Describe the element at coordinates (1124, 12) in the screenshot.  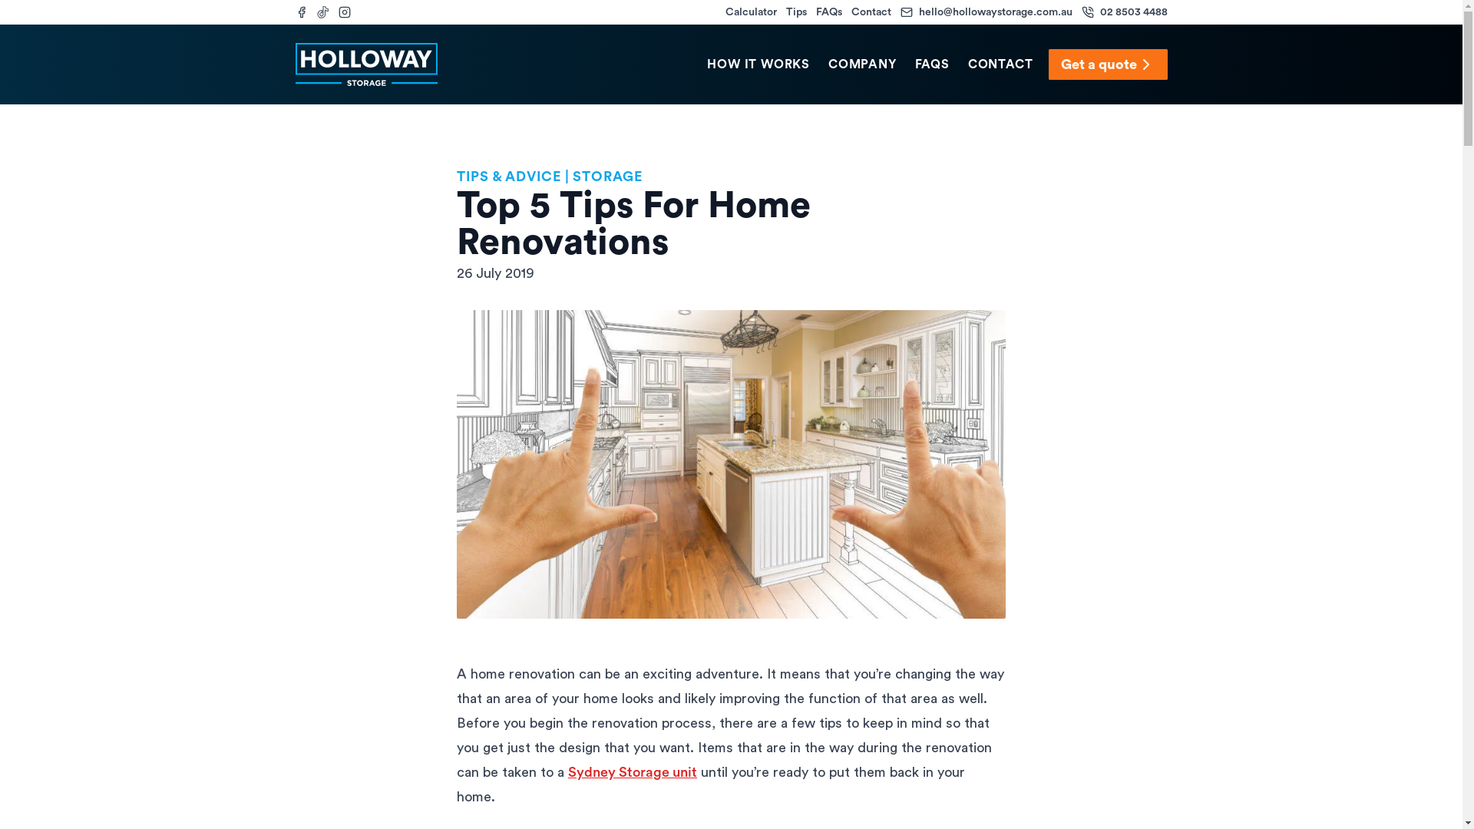
I see `'02 8503 4488'` at that location.